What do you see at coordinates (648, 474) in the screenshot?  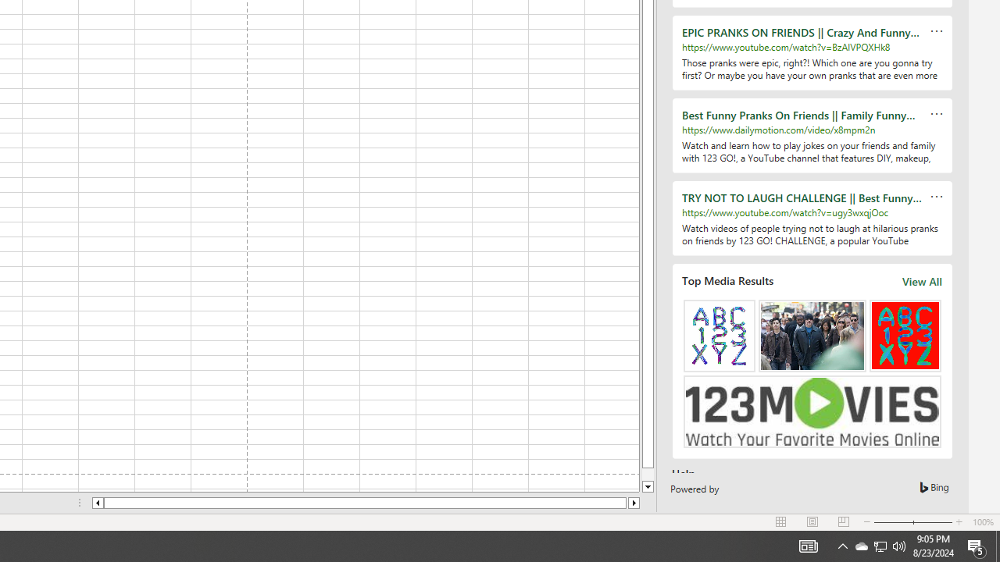 I see `'Page down'` at bounding box center [648, 474].